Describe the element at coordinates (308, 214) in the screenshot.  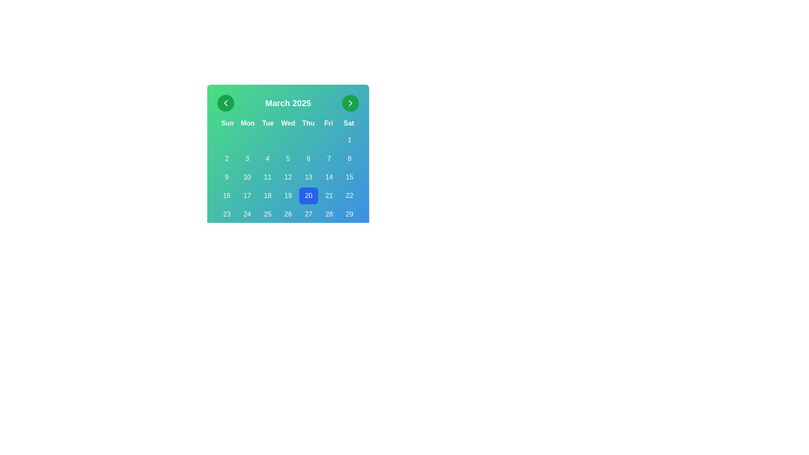
I see `the button displaying the number '27', which is a rectangular clickable block with a rounded border` at that location.